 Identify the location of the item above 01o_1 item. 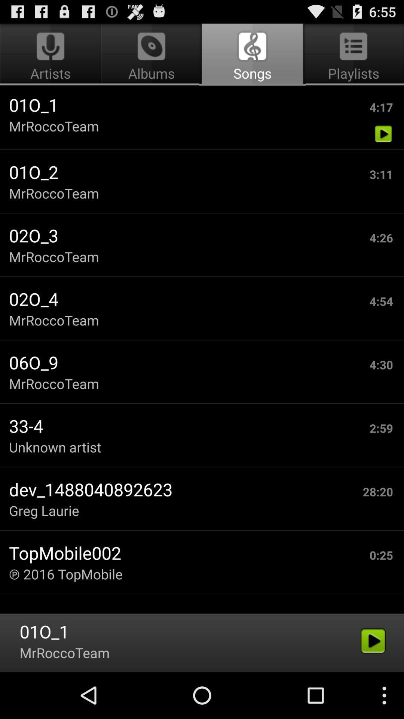
(151, 55).